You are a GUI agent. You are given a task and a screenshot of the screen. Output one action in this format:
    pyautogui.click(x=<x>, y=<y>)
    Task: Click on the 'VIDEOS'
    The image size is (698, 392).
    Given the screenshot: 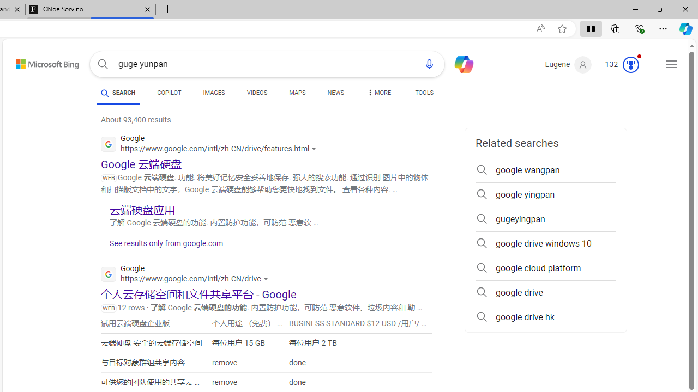 What is the action you would take?
    pyautogui.click(x=256, y=93)
    